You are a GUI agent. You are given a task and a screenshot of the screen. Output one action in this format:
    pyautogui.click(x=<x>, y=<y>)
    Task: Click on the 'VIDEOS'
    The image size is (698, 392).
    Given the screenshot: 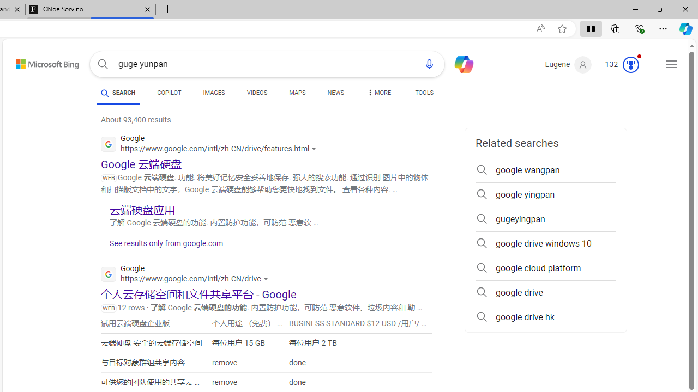 What is the action you would take?
    pyautogui.click(x=256, y=93)
    